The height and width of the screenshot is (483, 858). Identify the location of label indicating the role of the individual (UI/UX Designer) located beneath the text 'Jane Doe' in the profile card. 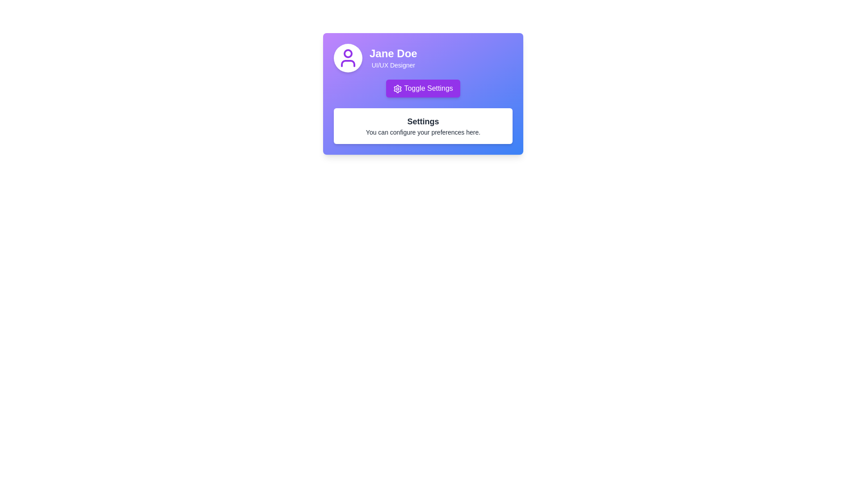
(393, 65).